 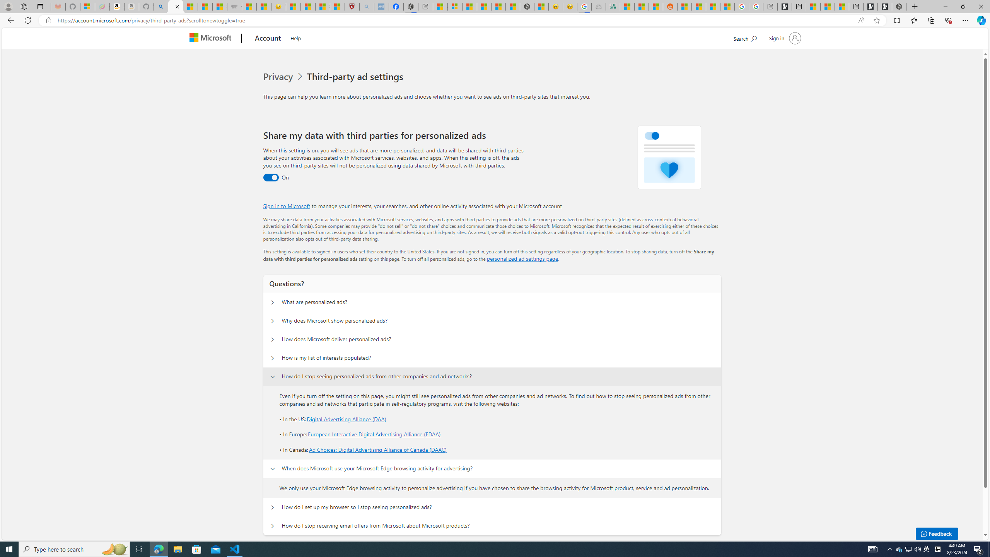 I want to click on 'DITOGAMES AG Imprint', so click(x=613, y=6).